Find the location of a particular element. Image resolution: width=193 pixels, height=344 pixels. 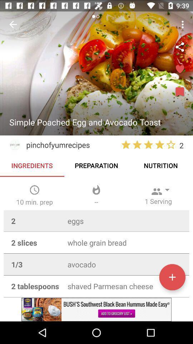

the share icon is located at coordinates (179, 47).